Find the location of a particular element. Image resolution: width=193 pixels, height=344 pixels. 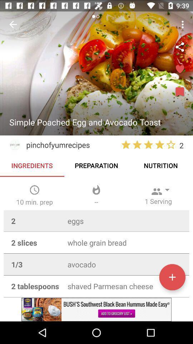

the share icon is located at coordinates (179, 47).